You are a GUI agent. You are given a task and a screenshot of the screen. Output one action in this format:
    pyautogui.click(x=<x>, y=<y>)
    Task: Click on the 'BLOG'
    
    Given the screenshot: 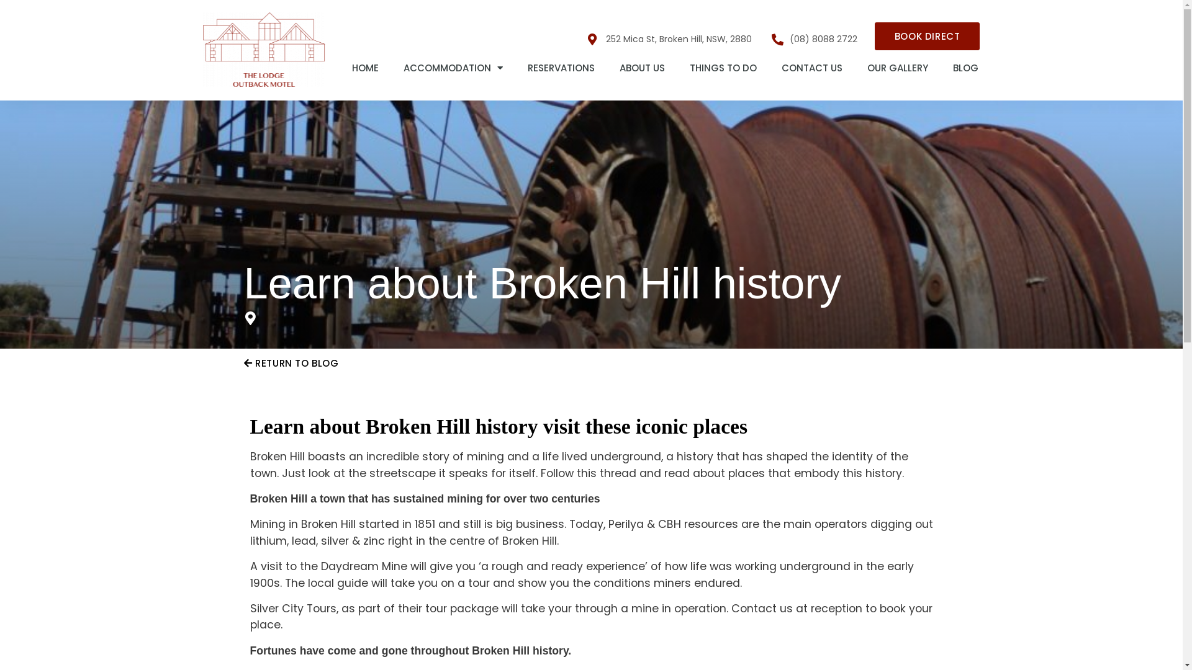 What is the action you would take?
    pyautogui.click(x=965, y=68)
    